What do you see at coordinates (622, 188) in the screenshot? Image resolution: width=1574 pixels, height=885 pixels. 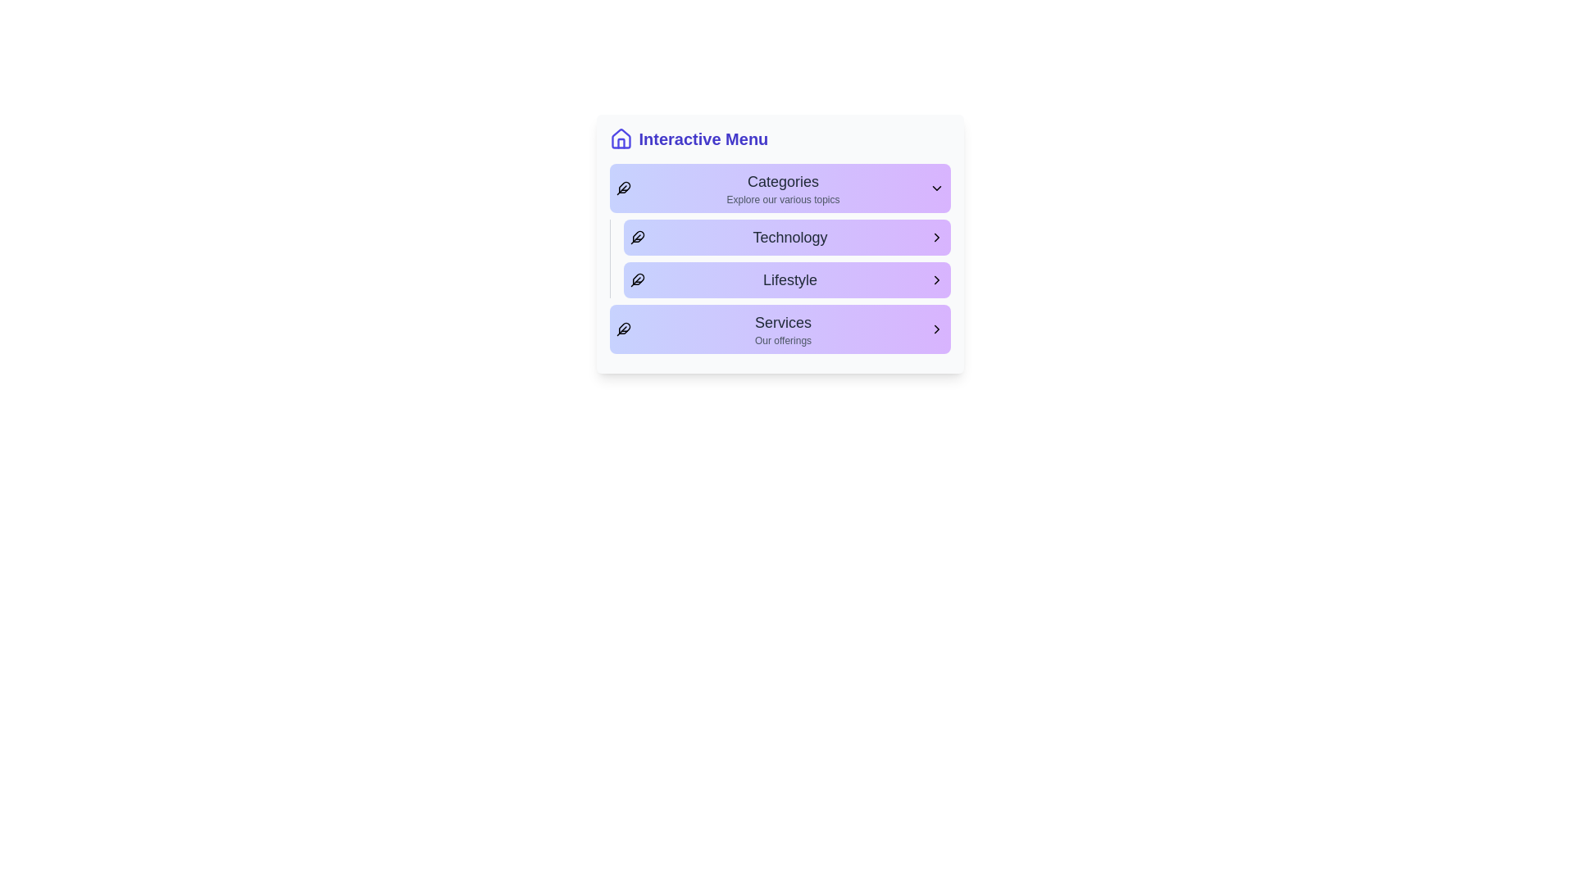 I see `the decorative icon in the 'Categories' section, located to the left of the text label for the first category` at bounding box center [622, 188].